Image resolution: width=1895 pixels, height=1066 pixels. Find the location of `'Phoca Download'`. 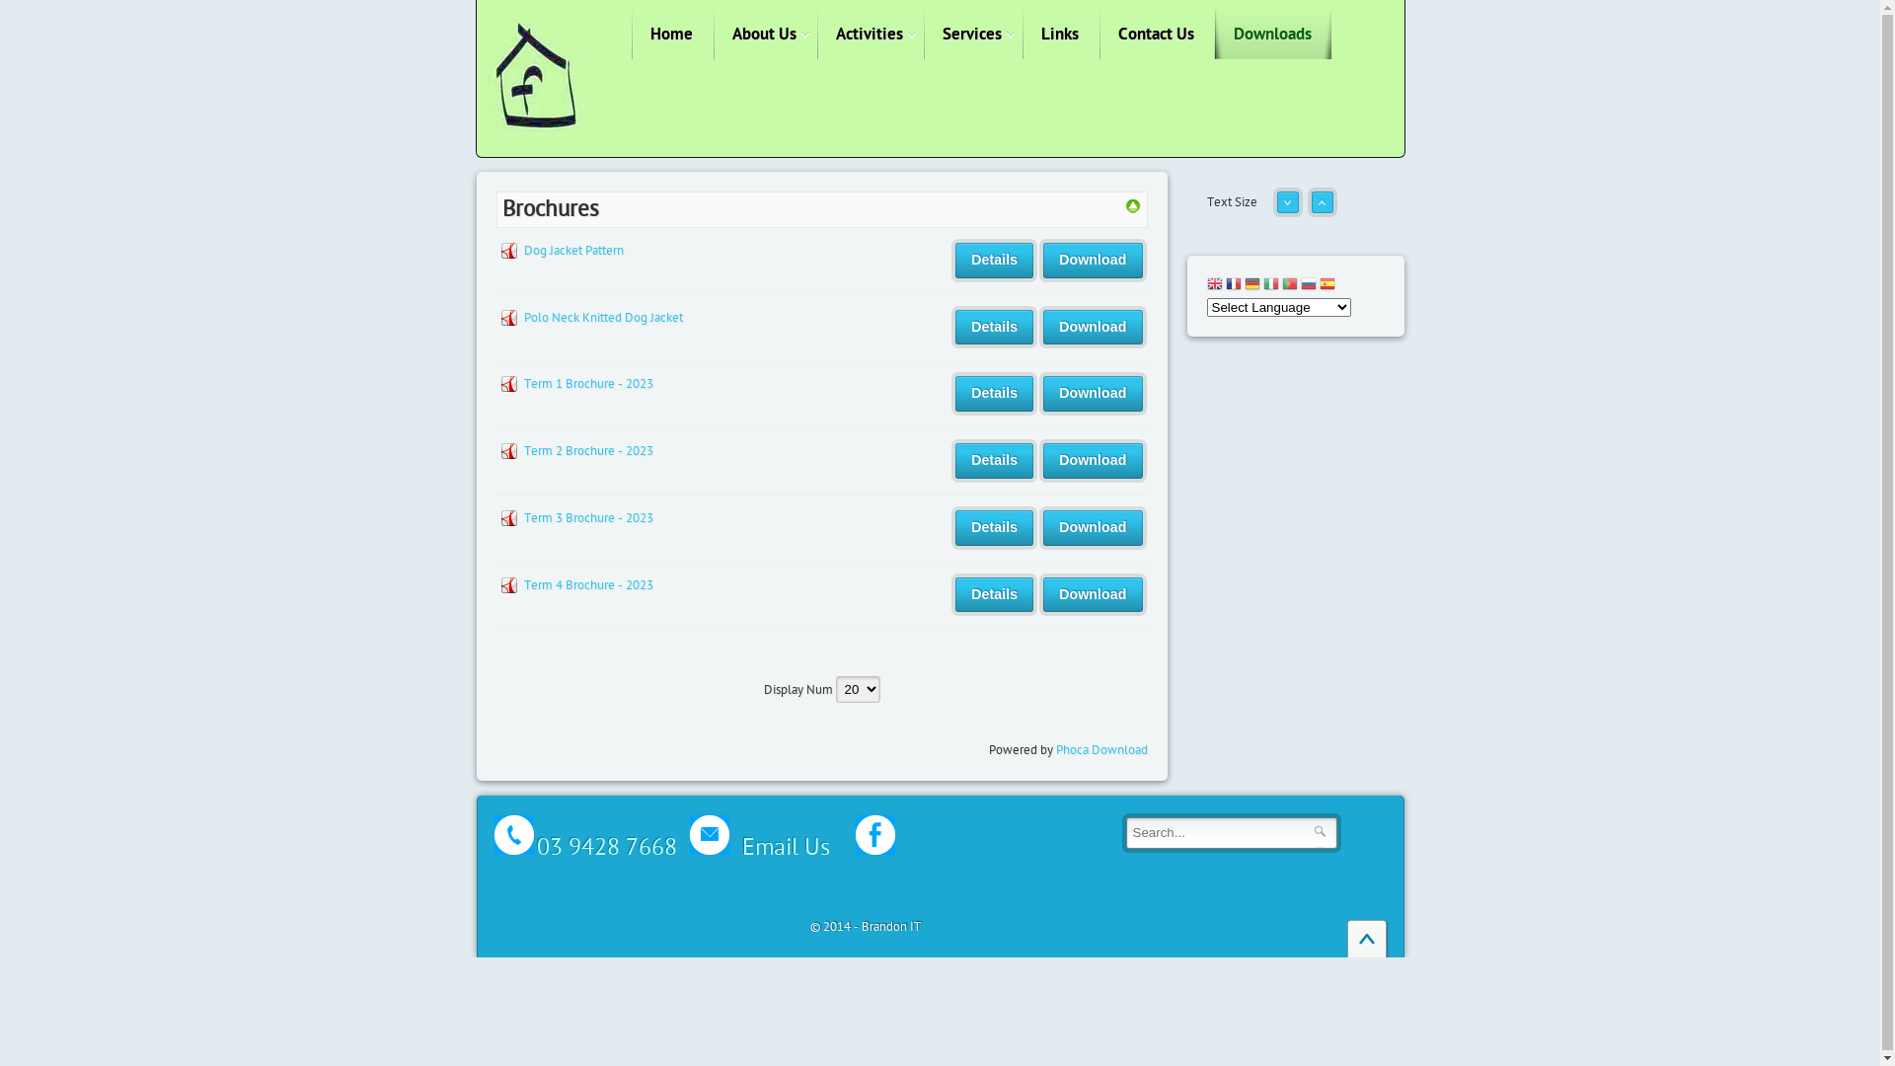

'Phoca Download' is located at coordinates (1055, 749).